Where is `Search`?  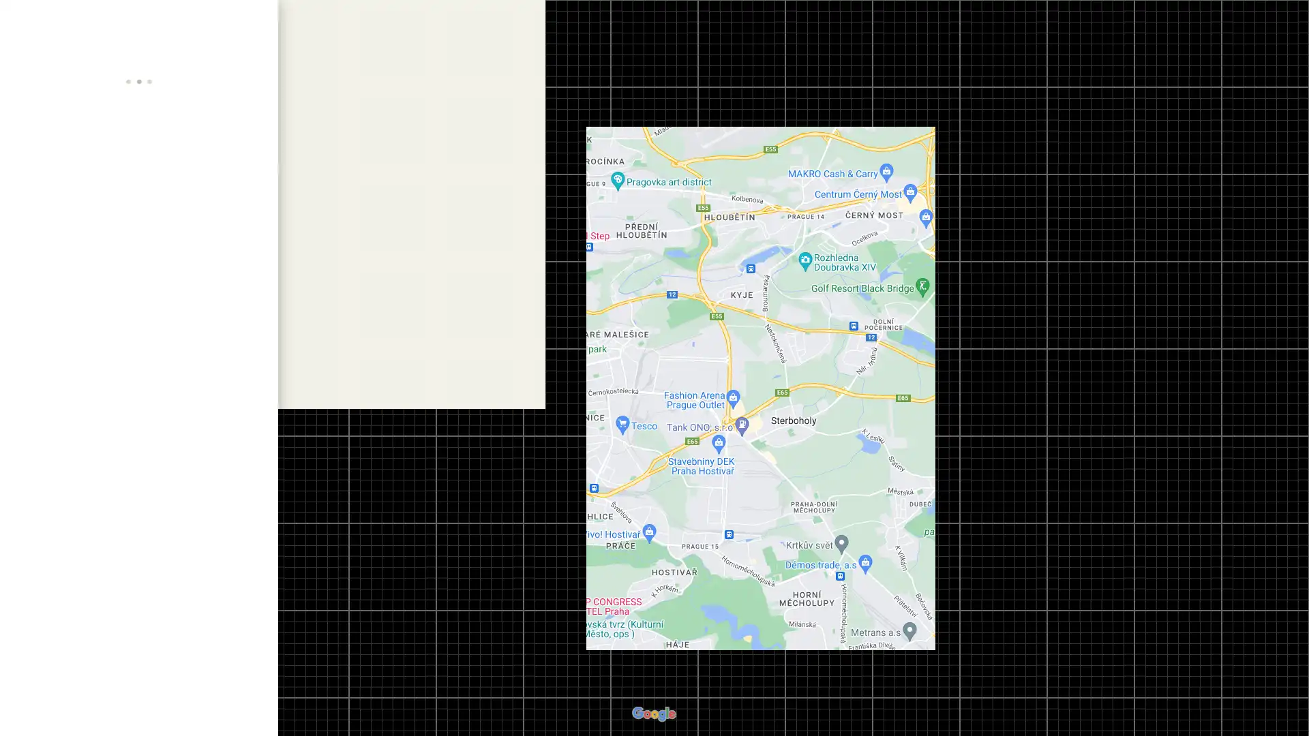
Search is located at coordinates (216, 21).